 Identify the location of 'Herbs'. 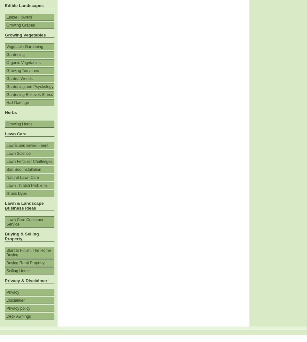
(4, 112).